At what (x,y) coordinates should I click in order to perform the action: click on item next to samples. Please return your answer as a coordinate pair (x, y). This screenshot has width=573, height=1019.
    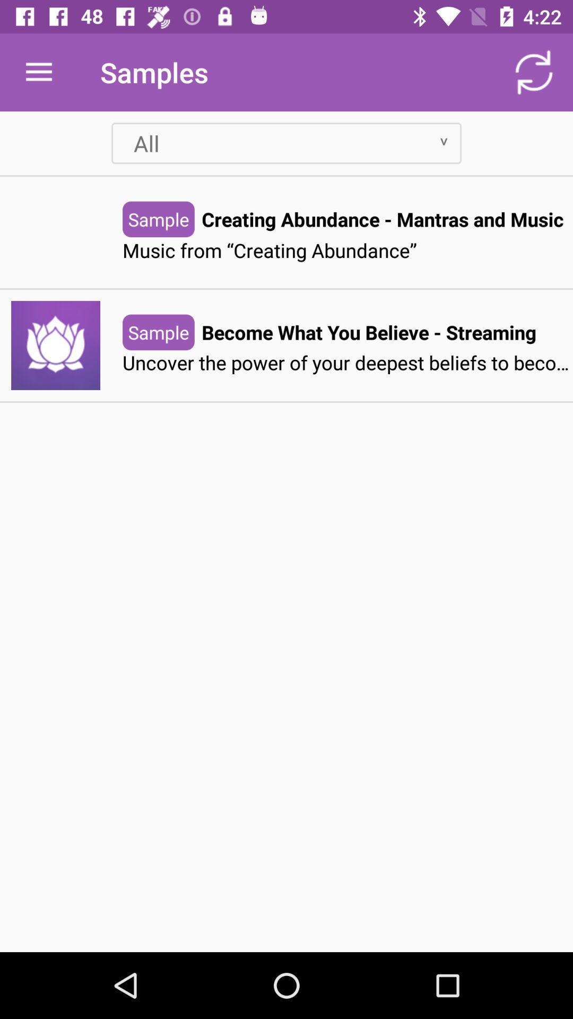
    Looking at the image, I should click on (38, 72).